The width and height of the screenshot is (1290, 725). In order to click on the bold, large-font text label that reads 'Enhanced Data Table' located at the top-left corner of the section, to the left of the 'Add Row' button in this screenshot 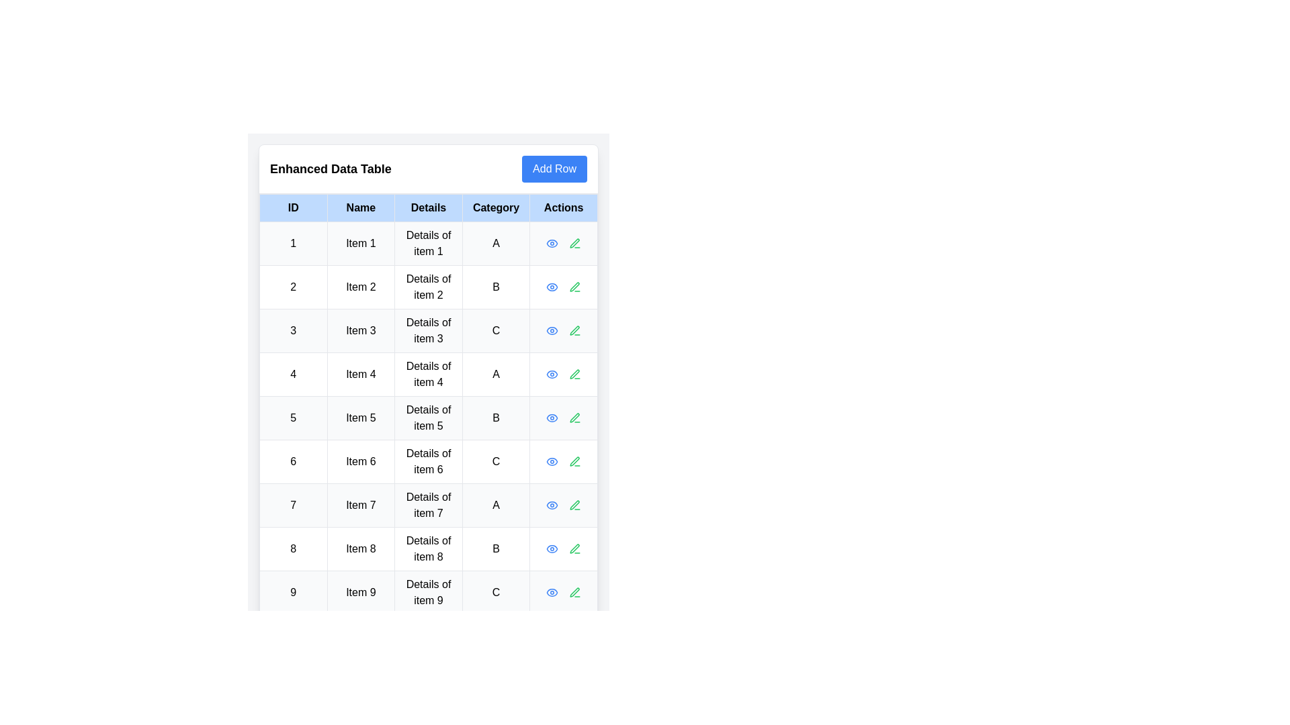, I will do `click(331, 168)`.